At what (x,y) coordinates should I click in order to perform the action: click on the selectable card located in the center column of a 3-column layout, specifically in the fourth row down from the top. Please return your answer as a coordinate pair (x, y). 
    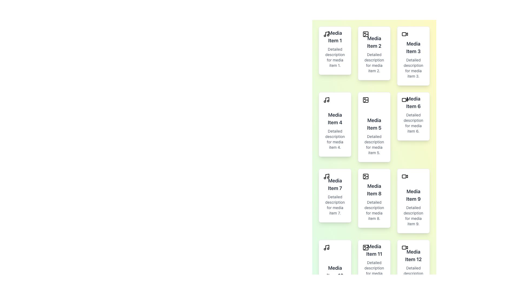
    Looking at the image, I should click on (413, 201).